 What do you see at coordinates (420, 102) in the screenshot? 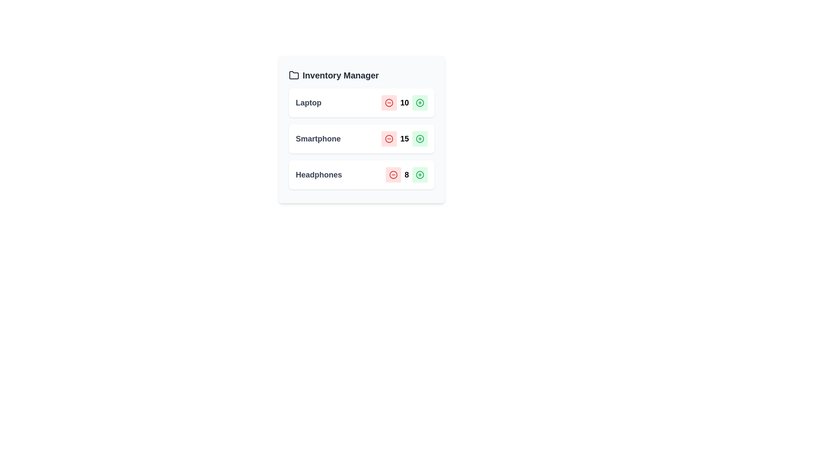
I see `plus button for the Laptop item` at bounding box center [420, 102].